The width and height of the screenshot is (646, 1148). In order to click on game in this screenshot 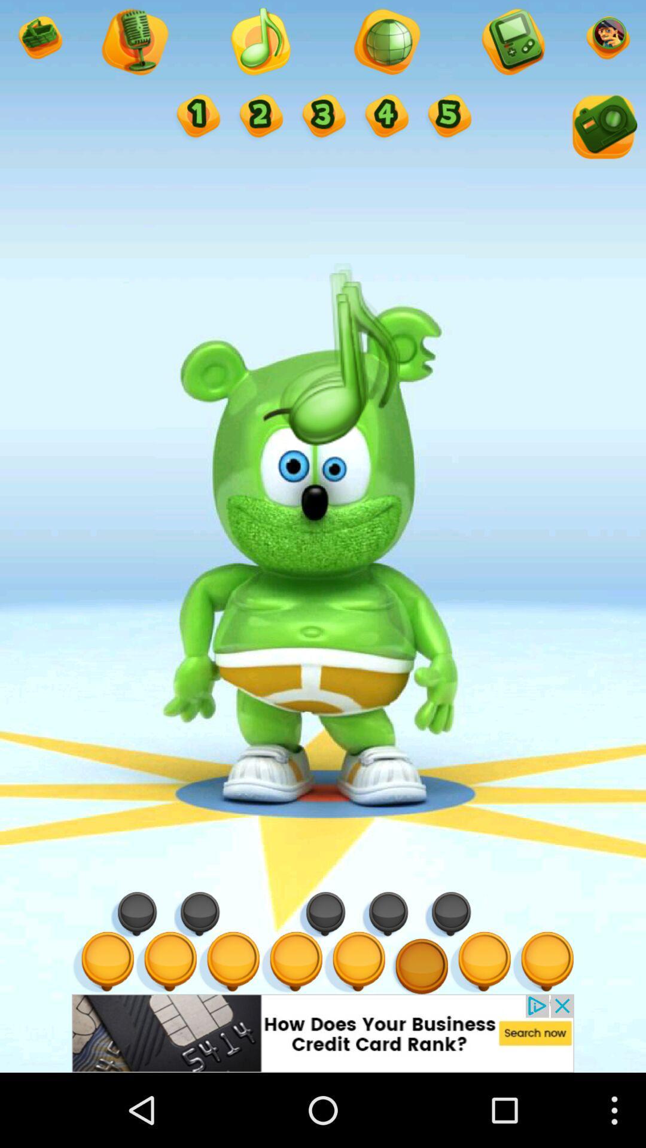, I will do `click(511, 43)`.